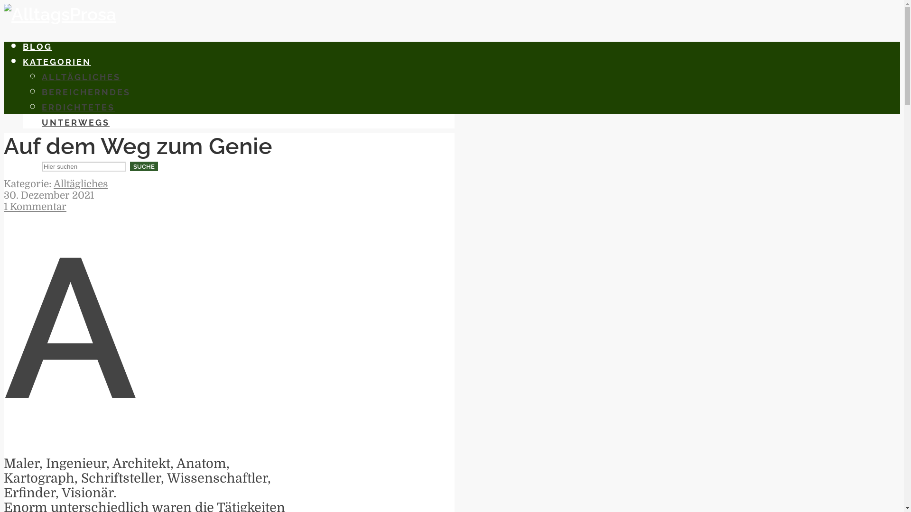 This screenshot has width=911, height=512. What do you see at coordinates (23, 62) in the screenshot?
I see `'KATEGORIEN'` at bounding box center [23, 62].